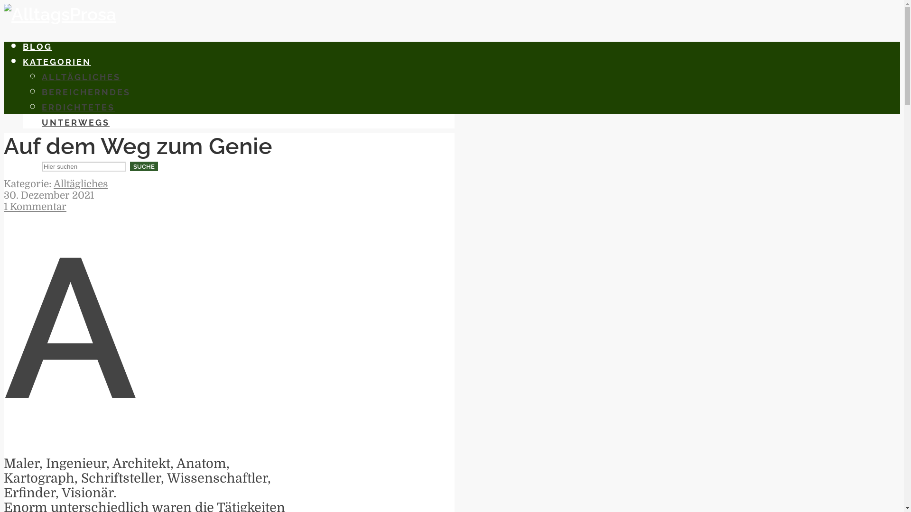 This screenshot has width=911, height=512. What do you see at coordinates (23, 62) in the screenshot?
I see `'KATEGORIEN'` at bounding box center [23, 62].